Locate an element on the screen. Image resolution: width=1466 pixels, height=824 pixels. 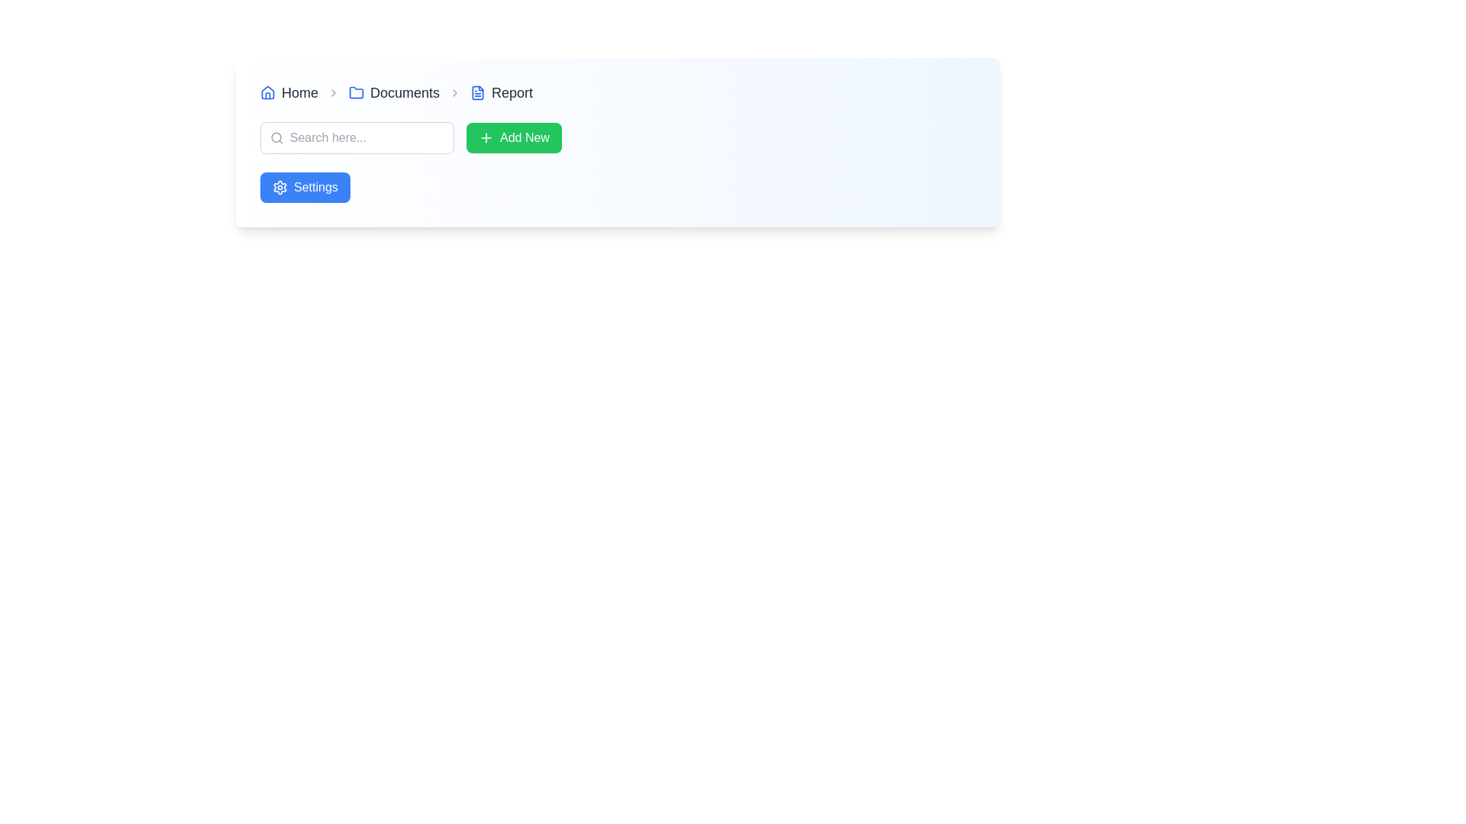
text of the 'Home' label in the breadcrumb navigation located at the top-left corner of the user interface is located at coordinates (289, 93).